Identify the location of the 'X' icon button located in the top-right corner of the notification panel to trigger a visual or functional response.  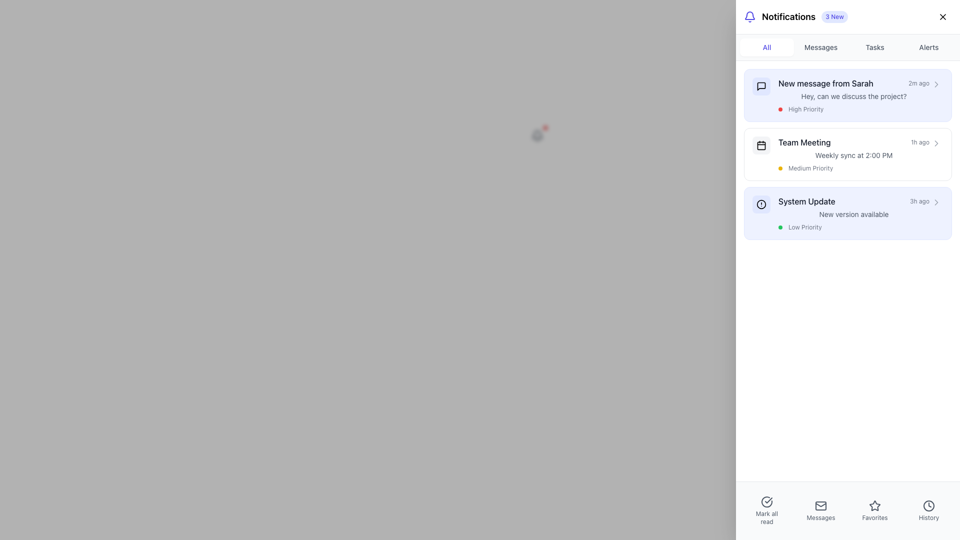
(942, 17).